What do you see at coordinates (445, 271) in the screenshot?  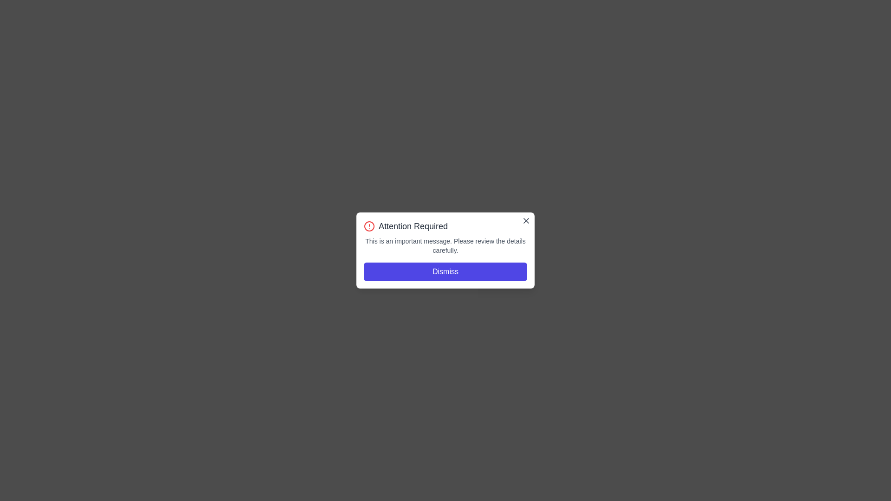 I see `the 'Dismiss' button with a purple background and white text located at the bottom of the modal dialog` at bounding box center [445, 271].